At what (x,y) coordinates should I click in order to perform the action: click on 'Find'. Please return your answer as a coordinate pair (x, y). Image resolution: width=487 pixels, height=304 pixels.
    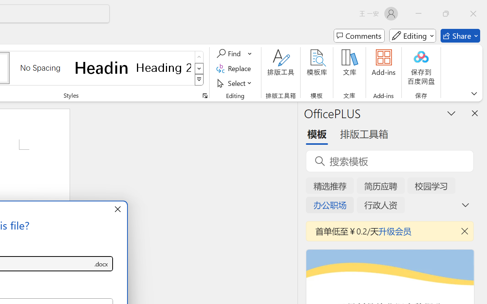
    Looking at the image, I should click on (234, 54).